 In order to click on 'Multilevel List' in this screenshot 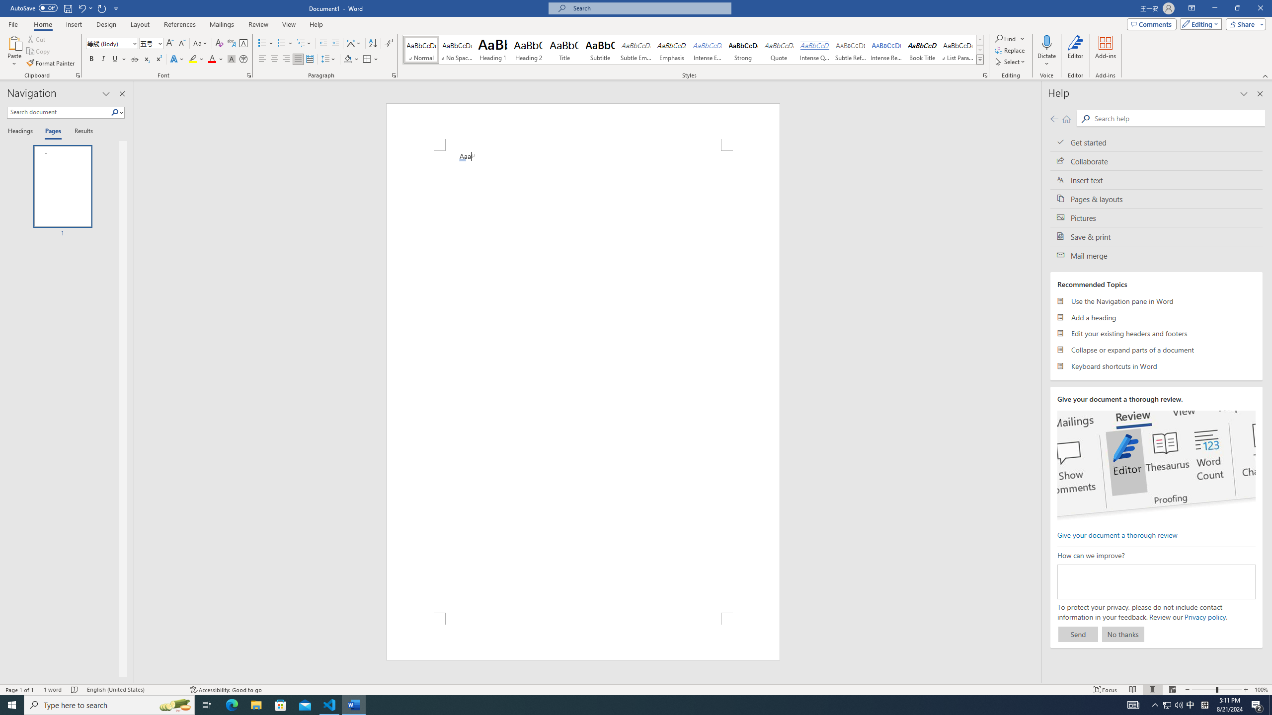, I will do `click(304, 43)`.